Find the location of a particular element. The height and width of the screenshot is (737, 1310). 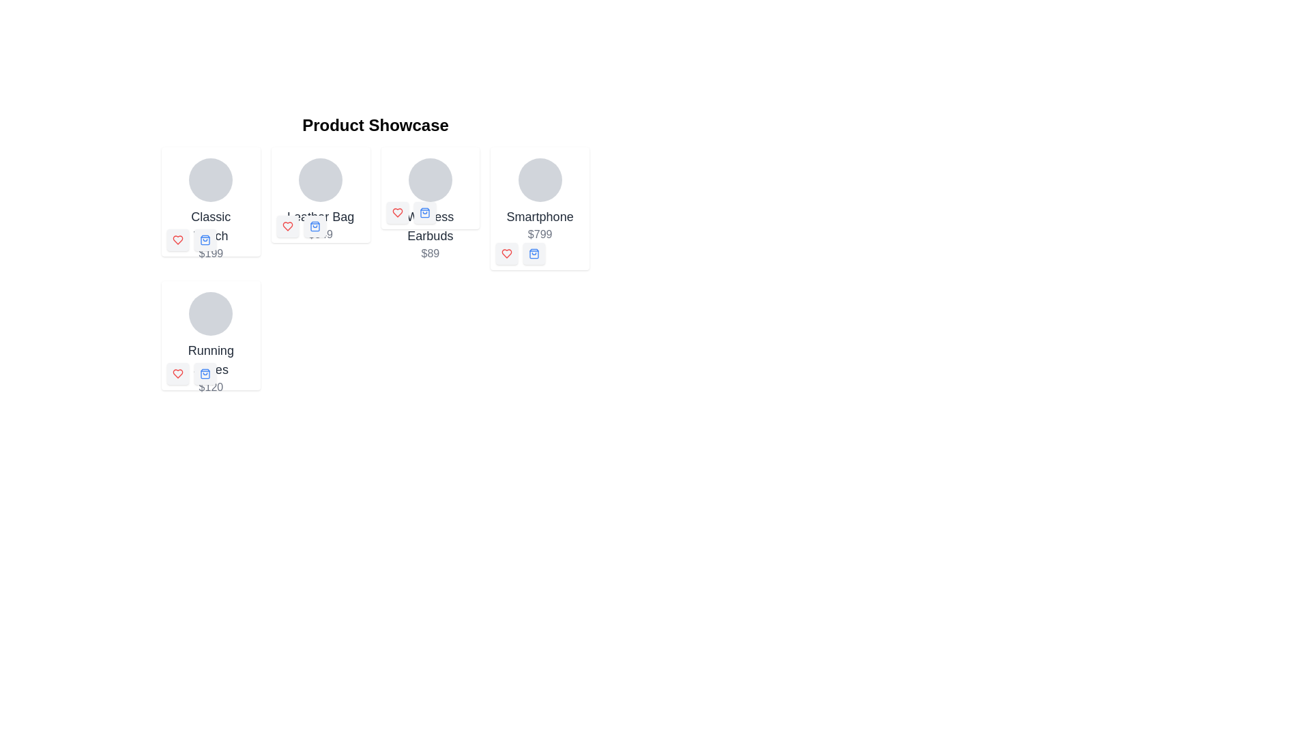

the shopping bag icon button located in the center of the toolbar at the bottom of the 'Wireless Earbuds' card is located at coordinates (424, 213).